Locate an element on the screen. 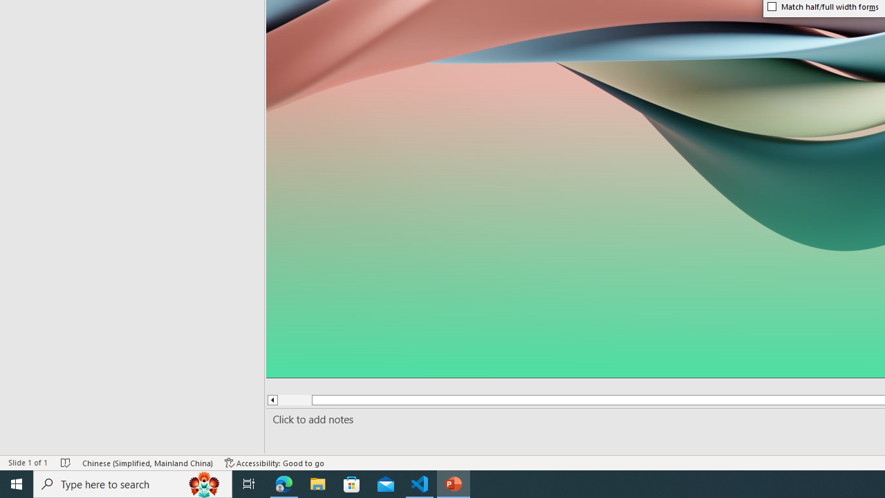 The height and width of the screenshot is (498, 885). 'Page up' is located at coordinates (294, 400).